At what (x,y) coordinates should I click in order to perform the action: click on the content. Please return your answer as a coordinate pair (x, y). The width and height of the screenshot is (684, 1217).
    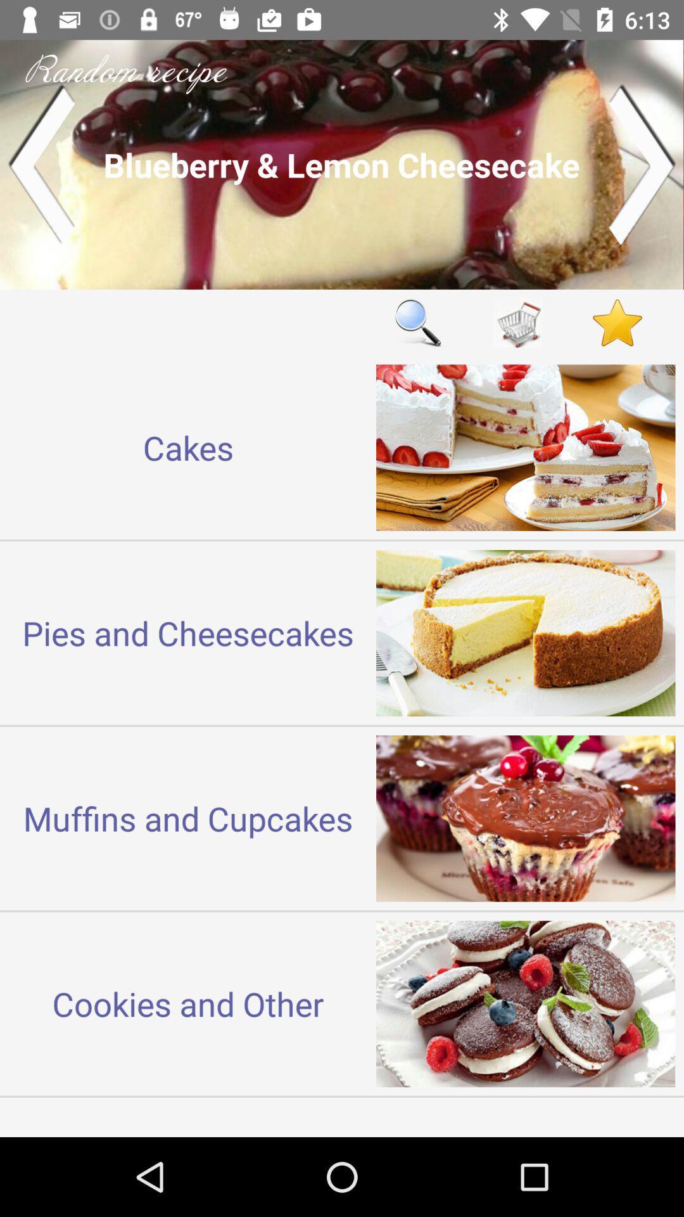
    Looking at the image, I should click on (617, 323).